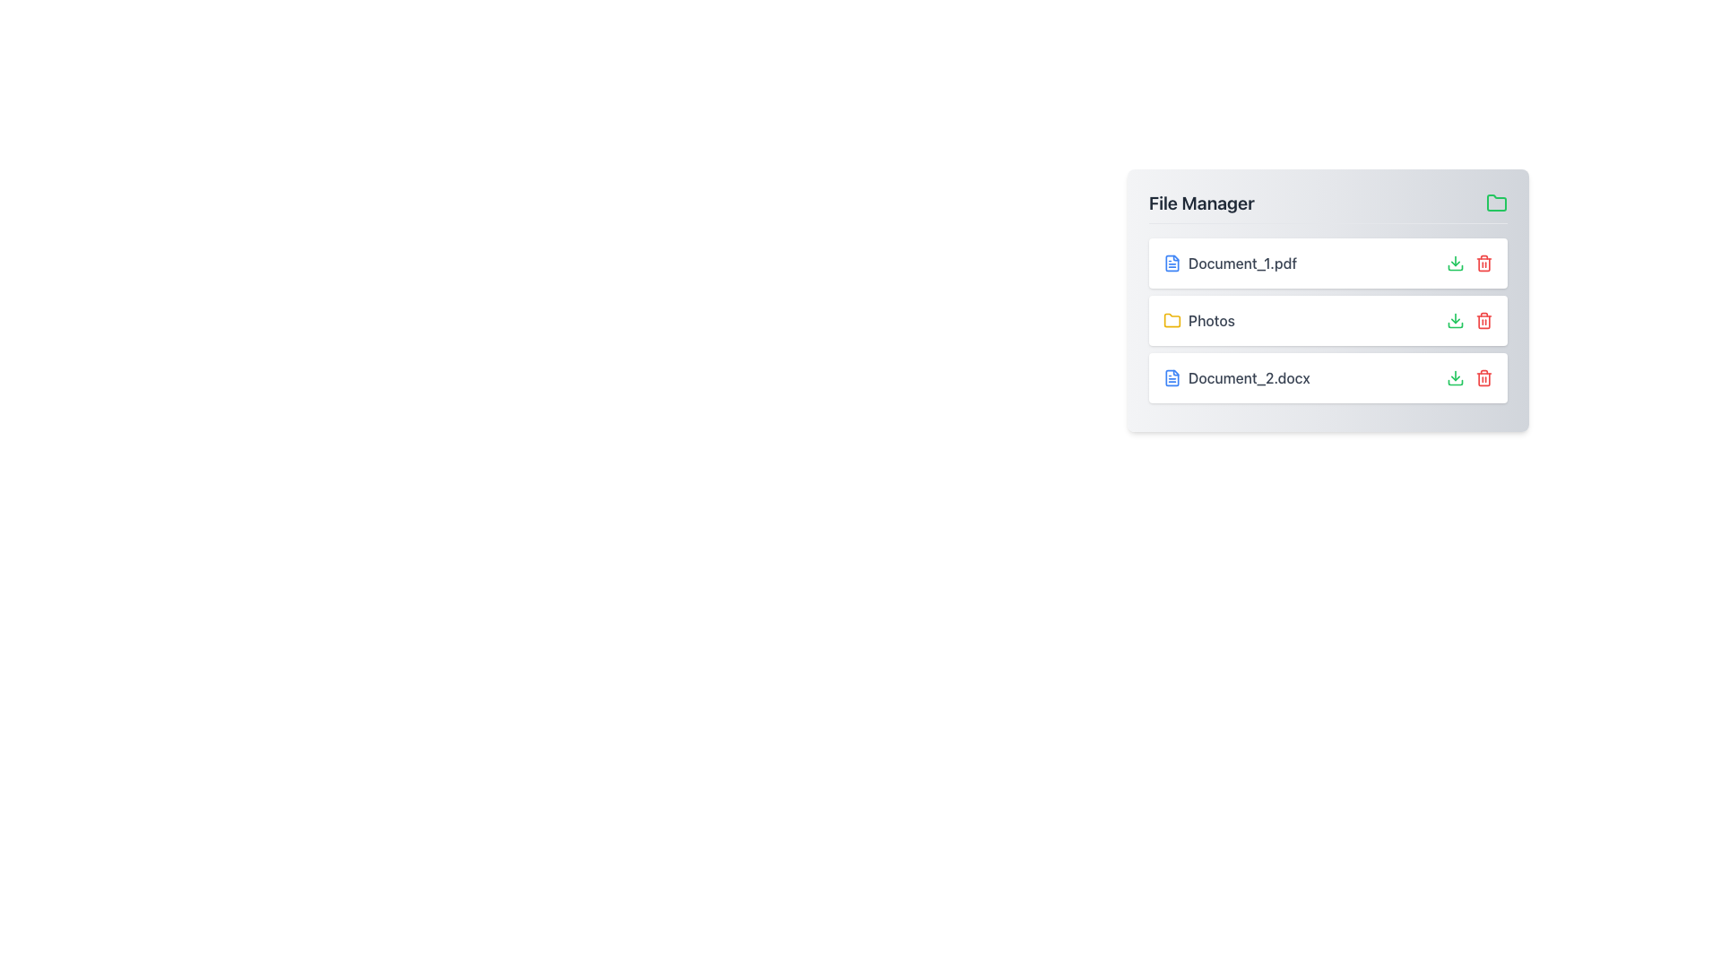 The image size is (1721, 968). I want to click on the document icon labeled 'Document_1.pdf', which has a classic blue document outline with a folded corner, so click(1172, 376).